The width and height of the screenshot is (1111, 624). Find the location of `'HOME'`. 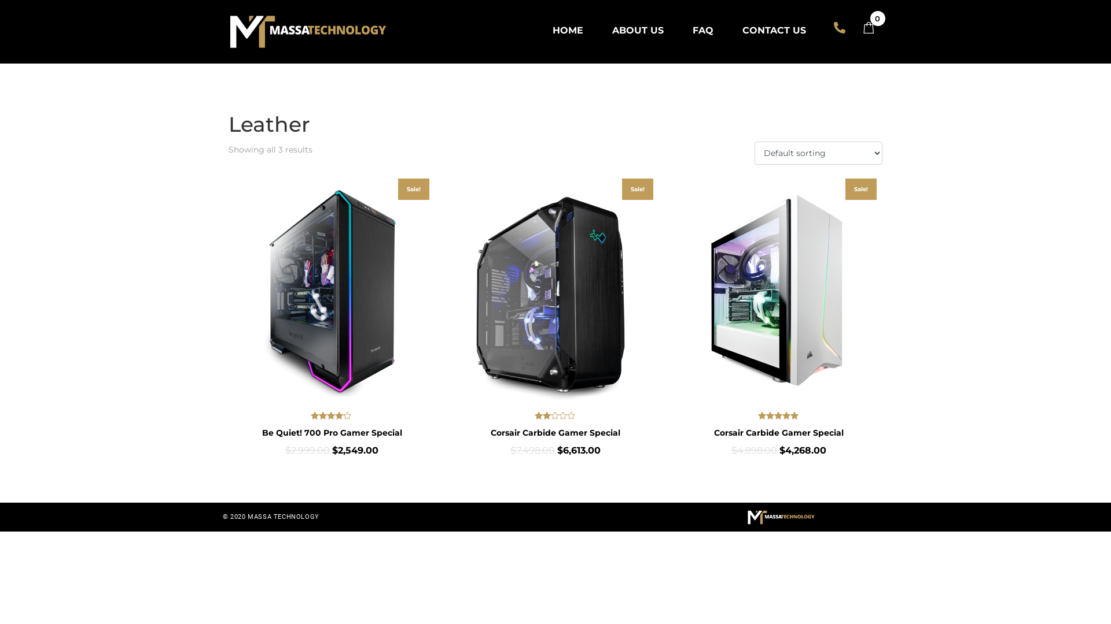

'HOME' is located at coordinates (568, 29).